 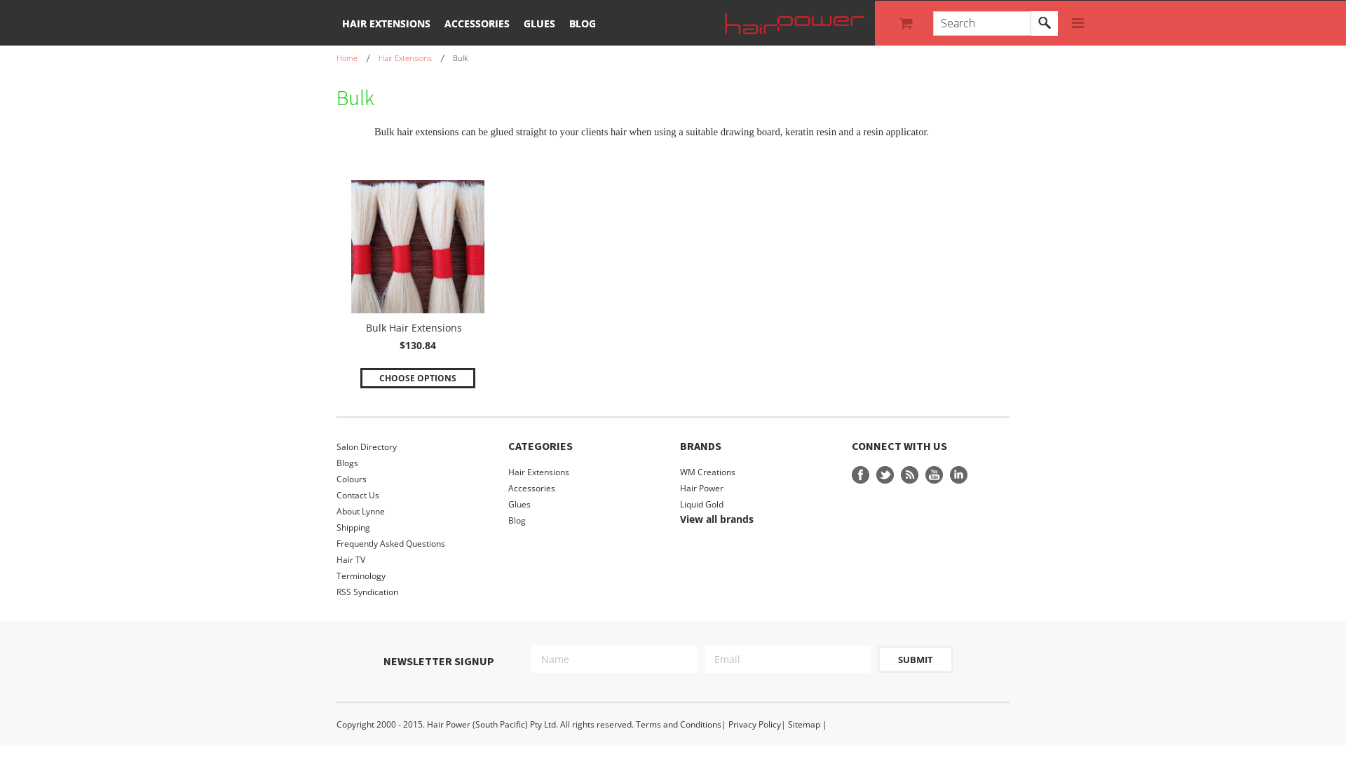 I want to click on 'Contact Us', so click(x=414, y=494).